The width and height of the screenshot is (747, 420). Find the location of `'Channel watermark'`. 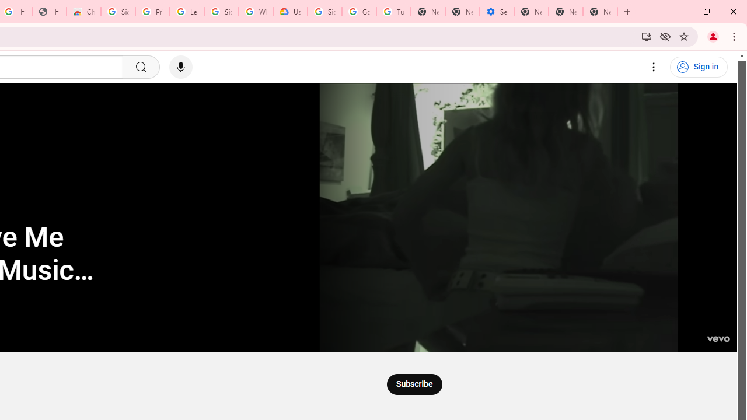

'Channel watermark' is located at coordinates (717, 332).